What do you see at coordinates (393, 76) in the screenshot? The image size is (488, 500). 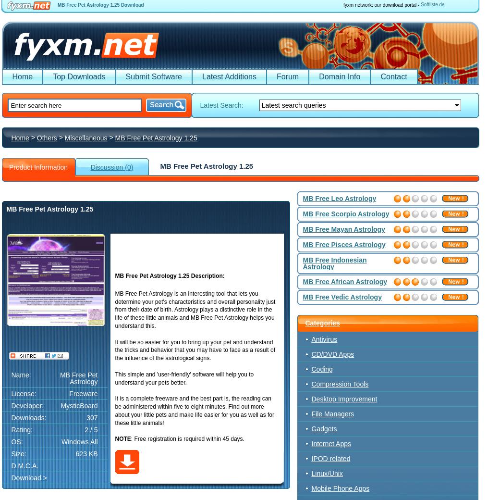 I see `'Contact'` at bounding box center [393, 76].